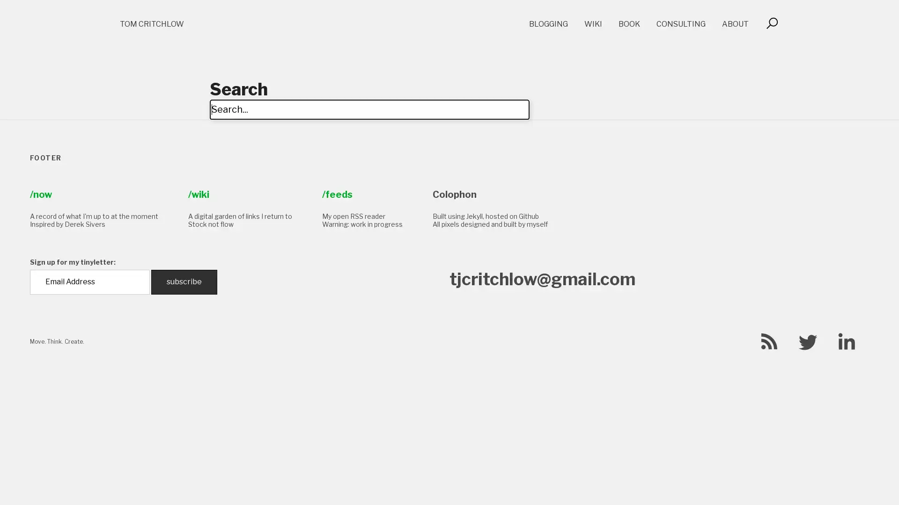 The height and width of the screenshot is (505, 899). What do you see at coordinates (184, 281) in the screenshot?
I see `subscribe` at bounding box center [184, 281].